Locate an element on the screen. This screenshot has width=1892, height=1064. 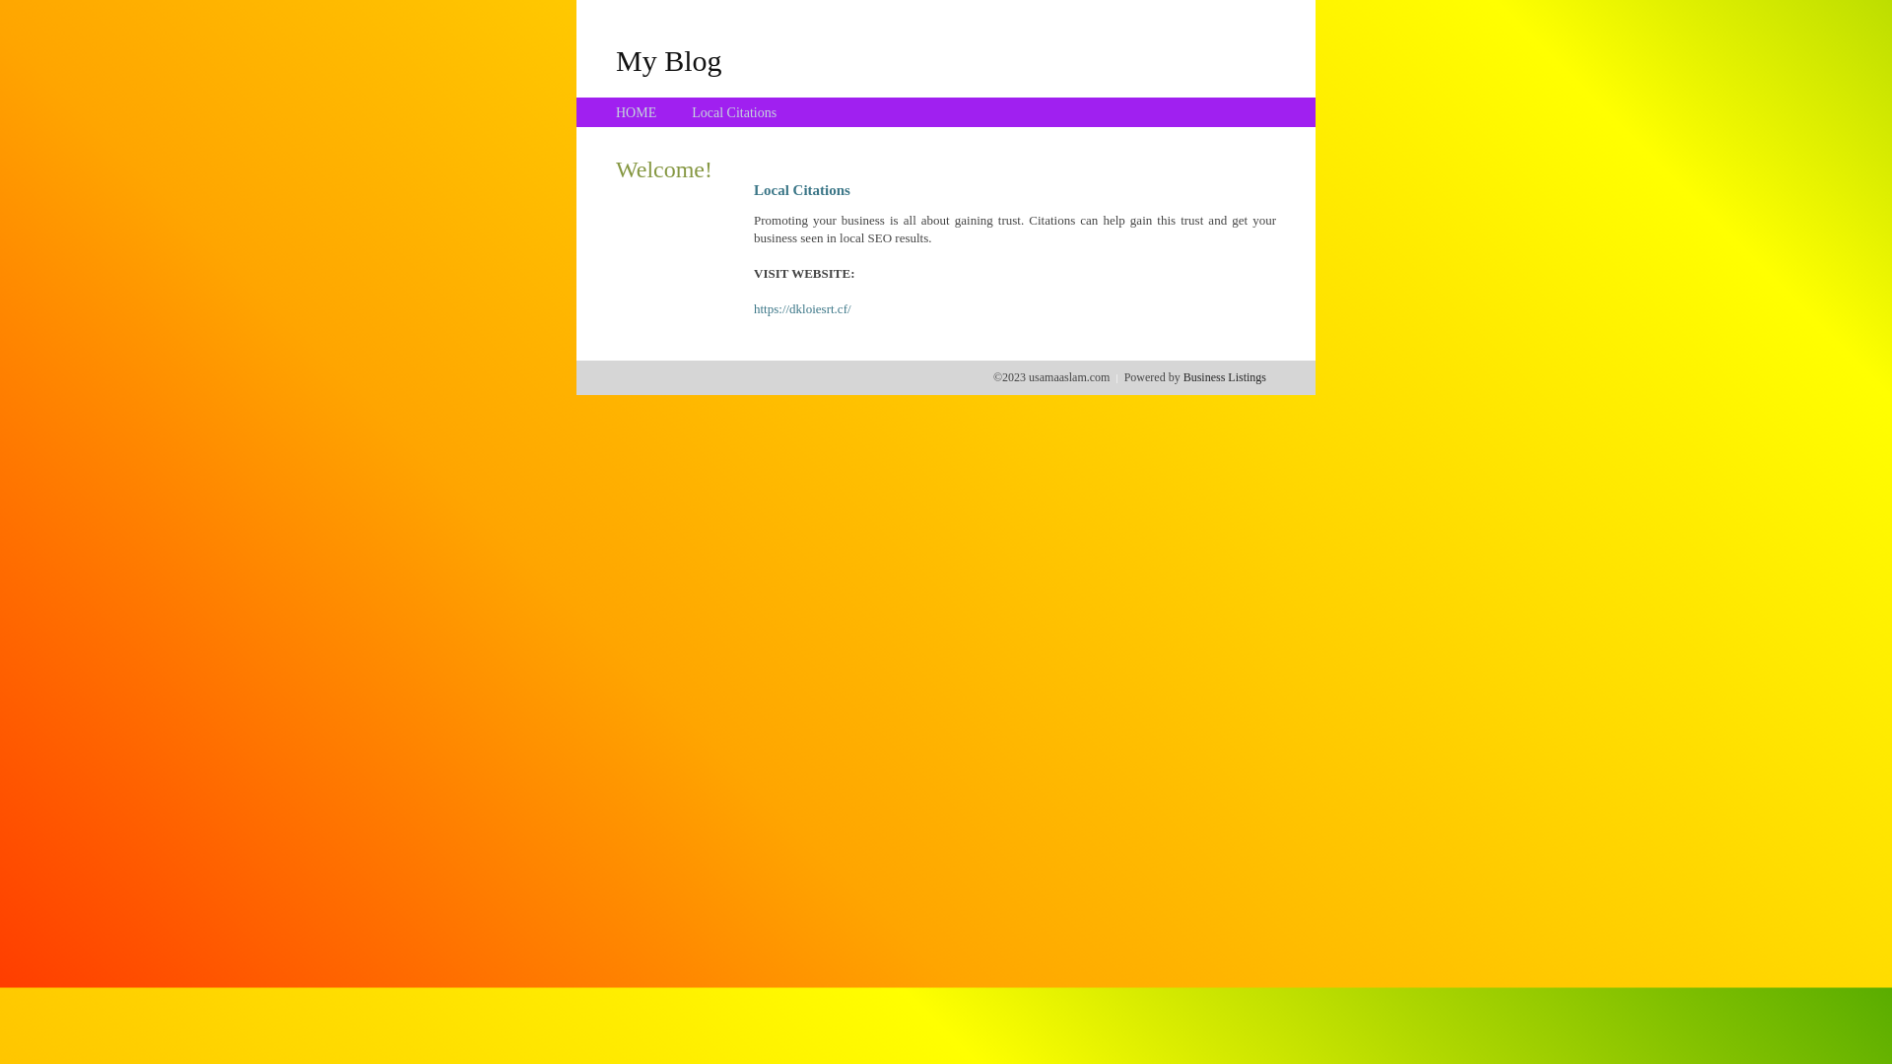
'Local Citations' is located at coordinates (691, 112).